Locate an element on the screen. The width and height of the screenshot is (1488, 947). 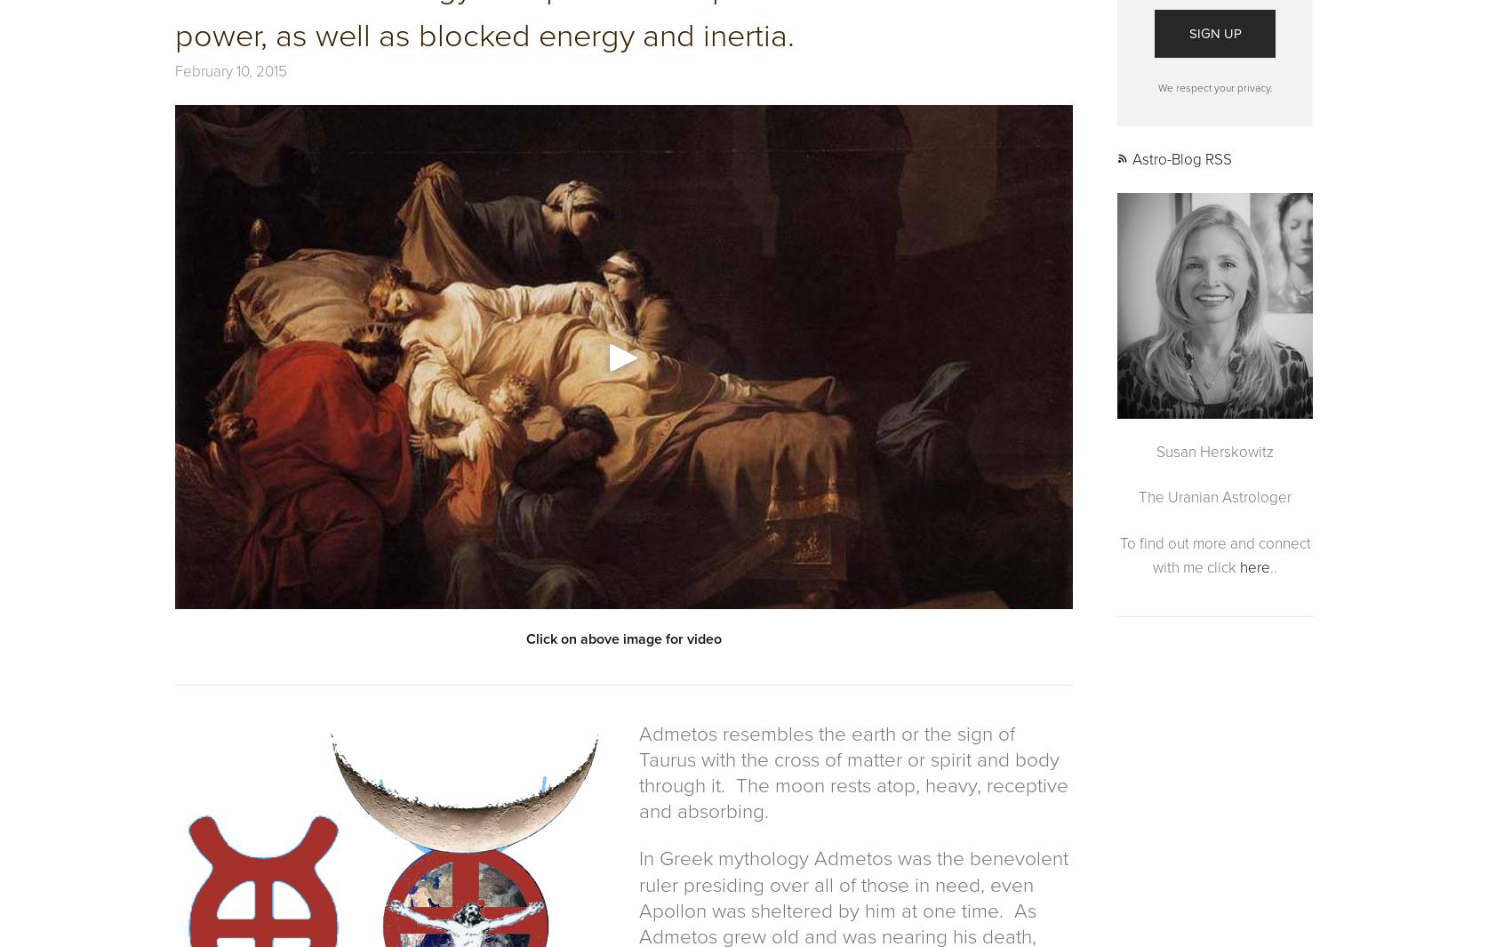
'..' is located at coordinates (1273, 566).